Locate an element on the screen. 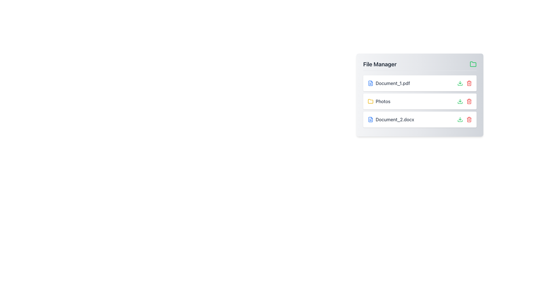 The width and height of the screenshot is (544, 306). the green download icon in the Photos row of the file manager interface to download the file or folder is located at coordinates (465, 101).